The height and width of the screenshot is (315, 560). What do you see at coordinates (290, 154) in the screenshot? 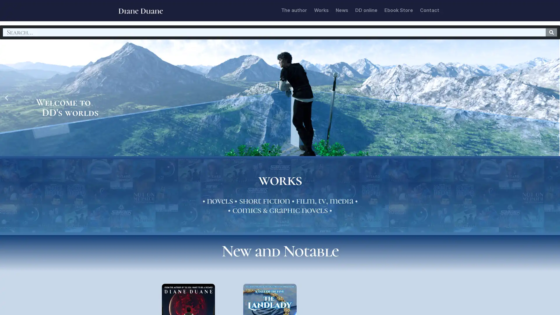
I see `Go to slide 5` at bounding box center [290, 154].